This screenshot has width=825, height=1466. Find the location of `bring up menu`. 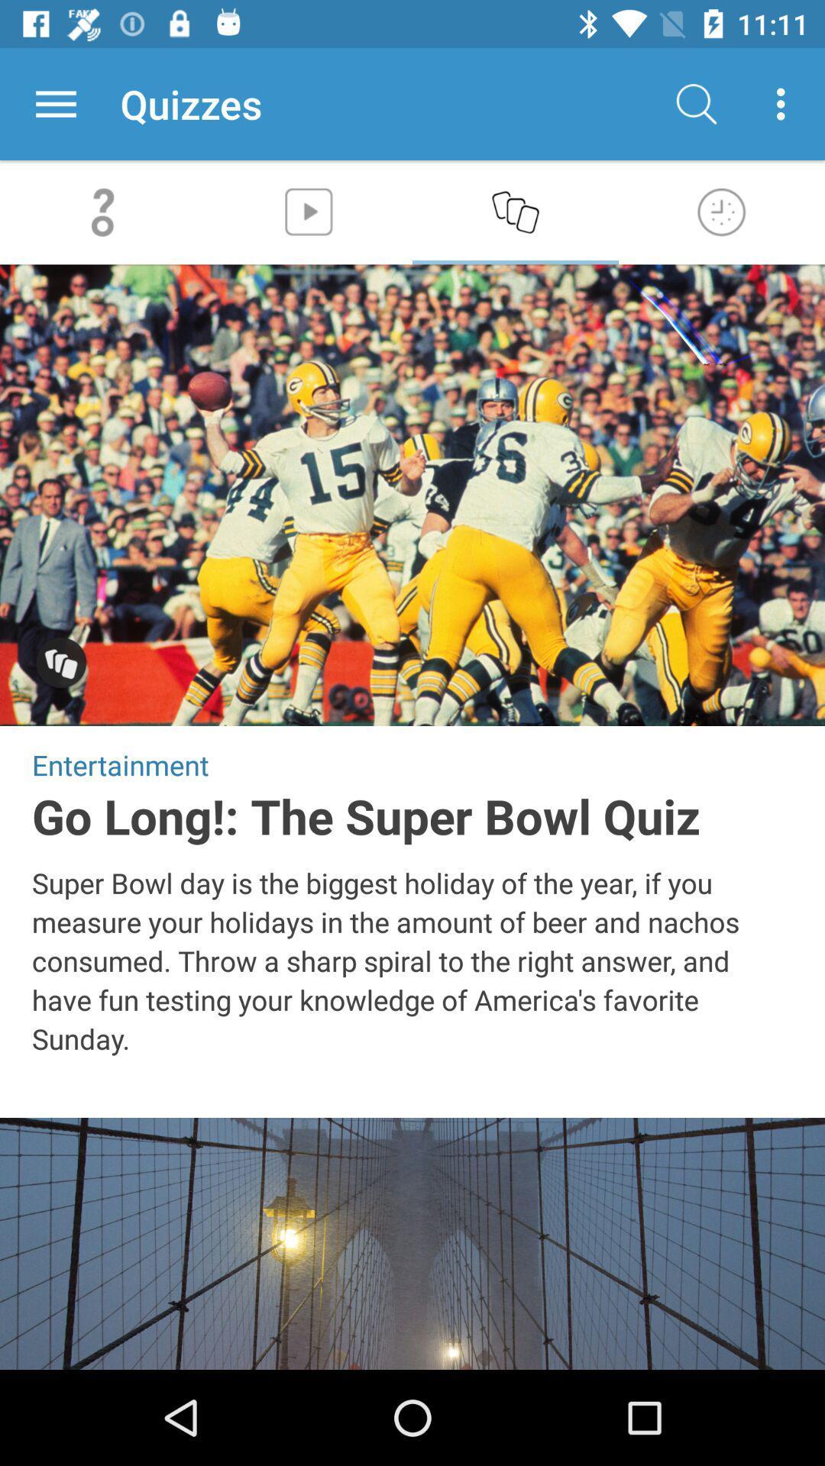

bring up menu is located at coordinates (55, 103).